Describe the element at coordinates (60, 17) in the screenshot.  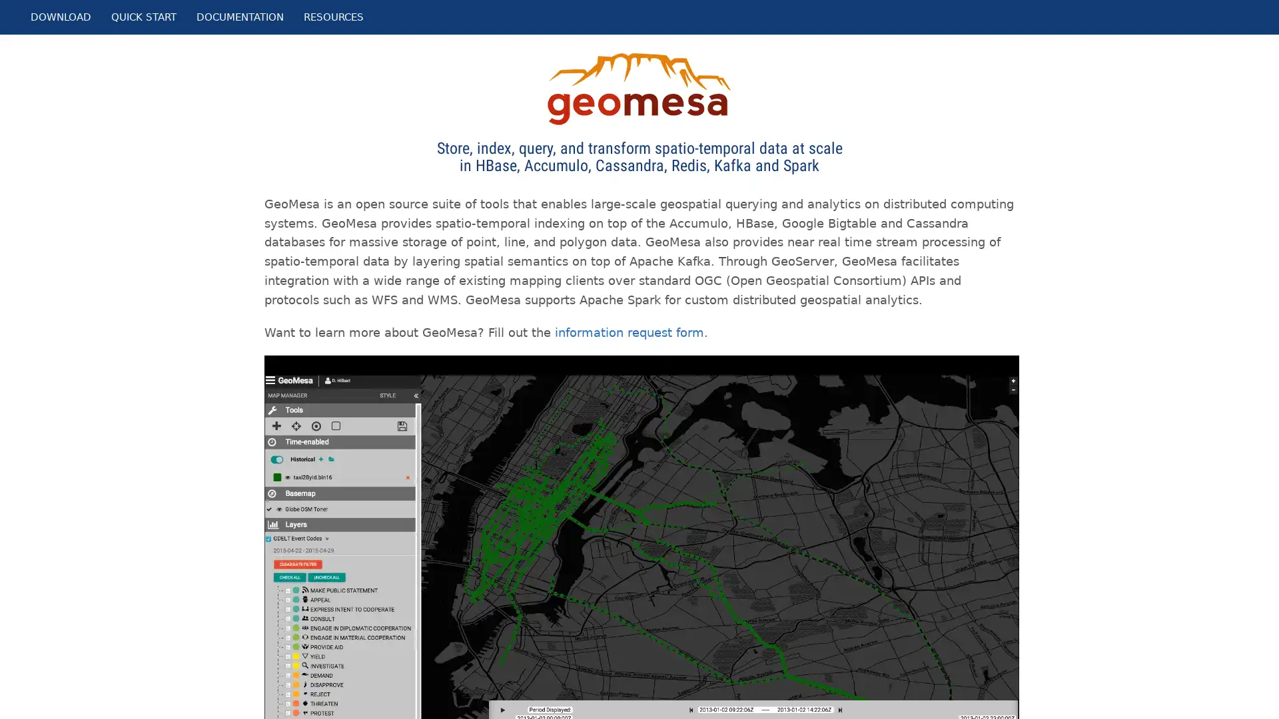
I see `DOWNLOAD` at that location.